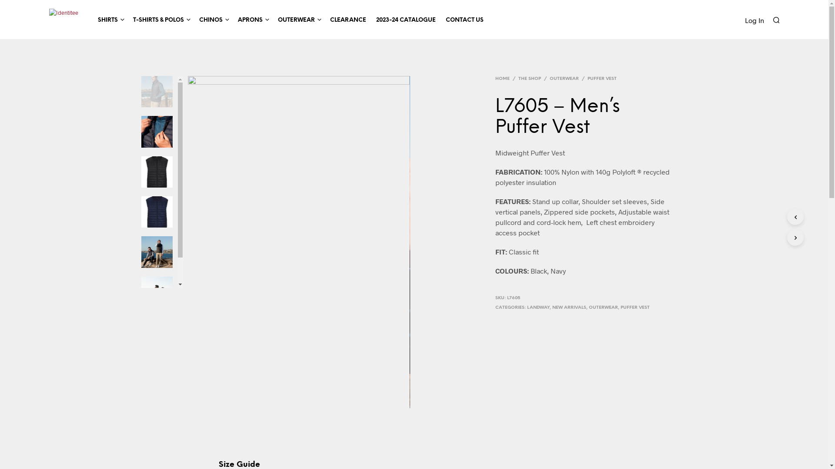 The width and height of the screenshot is (835, 469). I want to click on 'THE SHOP', so click(529, 79).